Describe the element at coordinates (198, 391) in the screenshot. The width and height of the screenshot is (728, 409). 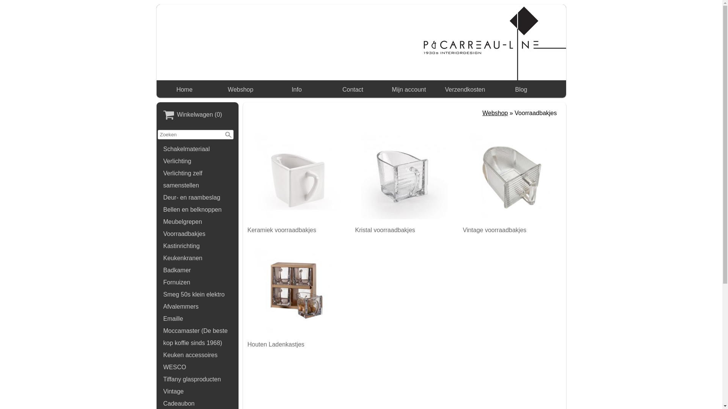
I see `'Vintage'` at that location.